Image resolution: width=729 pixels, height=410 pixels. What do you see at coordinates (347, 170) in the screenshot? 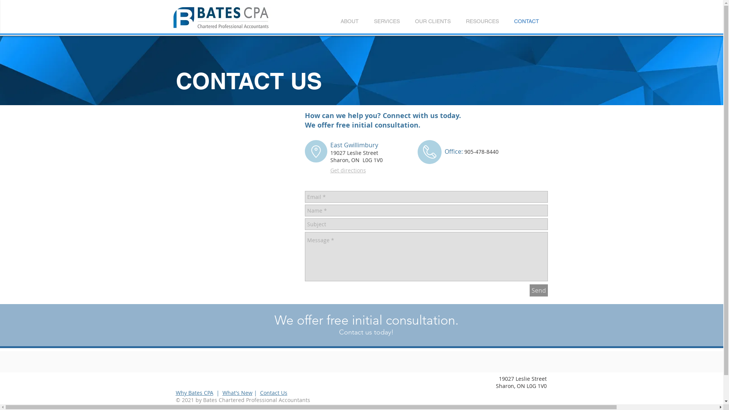
I see `'Get directions'` at bounding box center [347, 170].